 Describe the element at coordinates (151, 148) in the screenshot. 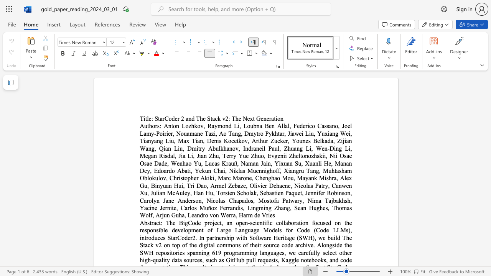

I see `the subset text "g, Qian Liu, Dmitry Abulkhanov, Indraneil Paul, Zhuang Li, Wen-Ding Li, Megan Risdal, Jia Li, Jian Zhu, Te" within the text "Anton Lozhkov, Raymond Li, Loubna Ben Allal, Federico Cassano, Joel Lamy-Poirier, Nouamane Tazi, Ao Tang, Dmytro Pykhtar, Jiawei Liu, Yuxiang Wei, Tianyang Liu, Max Tian, Denis Kocetkov, Arthur Zucker, Younes Belkada, Zijian Wang, Qian Liu, Dmitry Abulkhanov, Indraneil Paul, Zhuang Li, Wen-Ding Li, Megan Risdal, Jia Li, Jian Zhu, Terry Yue Zhuo, Evgenii Zheltonozhskii, Nii Osae Osae Dade, Wenhao Yu, Lucas Krauß, Naman Jain, Yixuan Su, Xuanli He, Manan Dey, Edoardo Abati, Yekun Chai, Niklas Muennighoff, Xiangru Tang, Muhtasham Oblokulov, Christopher Akiki, Marc Marone, Chenghao Mou, Mayank Mishra, Alex Gu, Binyuan Hui, Tri Dao, Armel Zebaze, Olivier Dehaene, Nicolas Patry, Canwen Xu, Julian McAuley, Han Hu, Torsten Scholak, Sebastien Paquet, Jennifer Robinson, Carolyn Jane Anderson, Nicolas Chapados, Mostofa Patwary, Nima Tajbakhsh, Yacine Jernite, Carlos Muñoz Ferrandis, Lingming Zhang, Sean Hughes, Thomas Wolf, Arjun Guha, Leandro von Werra, Harm de Vries"` at that location.